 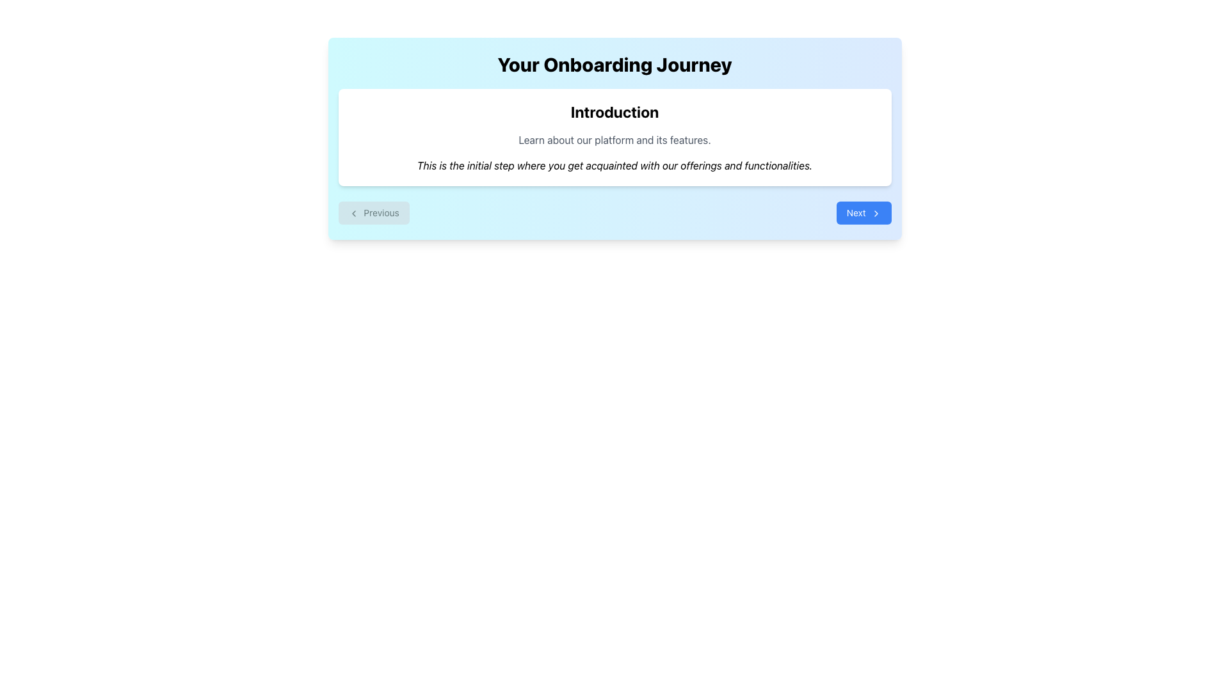 What do you see at coordinates (614, 111) in the screenshot?
I see `the bold, large-sized heading text 'Introduction'` at bounding box center [614, 111].